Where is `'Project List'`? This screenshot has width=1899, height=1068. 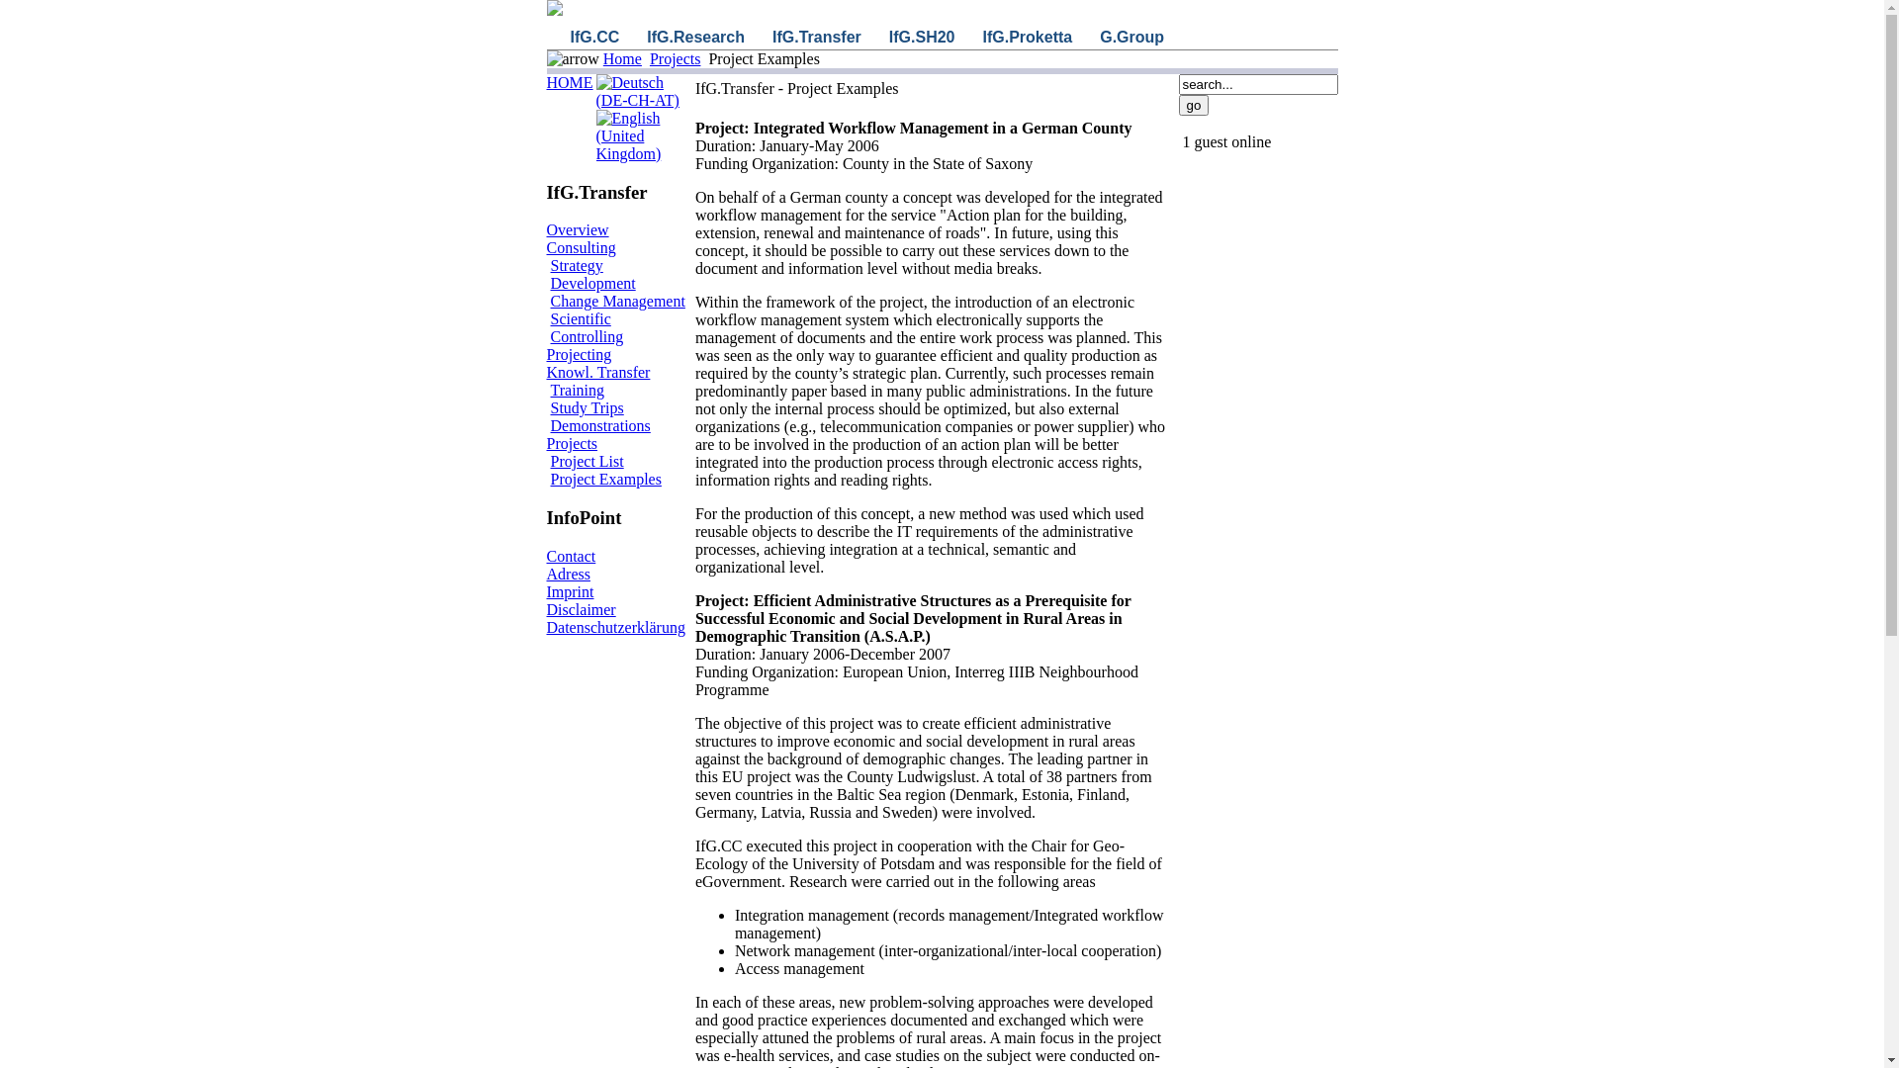 'Project List' is located at coordinates (586, 461).